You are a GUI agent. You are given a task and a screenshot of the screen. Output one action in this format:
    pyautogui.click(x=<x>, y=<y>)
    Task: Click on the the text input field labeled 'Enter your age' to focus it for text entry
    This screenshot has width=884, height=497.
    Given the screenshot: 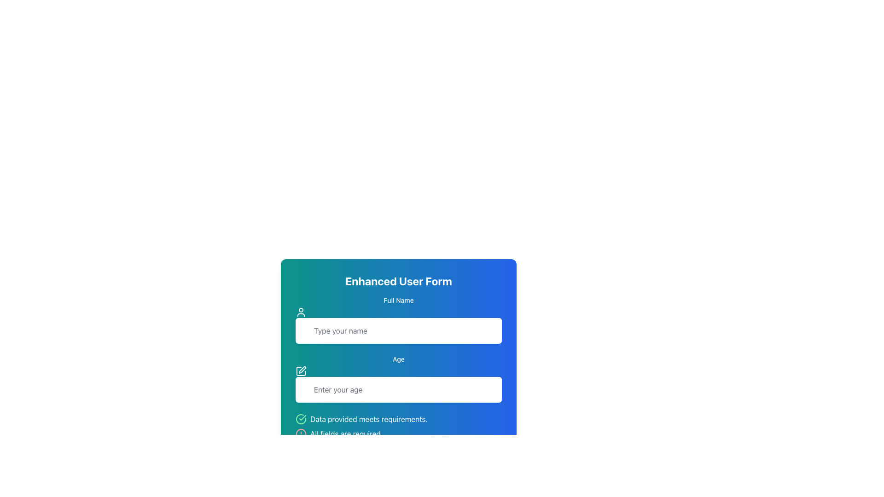 What is the action you would take?
    pyautogui.click(x=398, y=378)
    